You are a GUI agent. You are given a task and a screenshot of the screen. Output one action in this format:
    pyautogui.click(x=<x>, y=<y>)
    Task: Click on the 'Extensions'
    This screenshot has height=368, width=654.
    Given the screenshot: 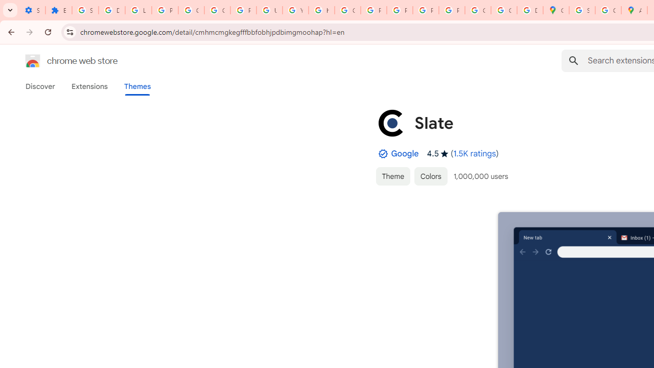 What is the action you would take?
    pyautogui.click(x=89, y=86)
    